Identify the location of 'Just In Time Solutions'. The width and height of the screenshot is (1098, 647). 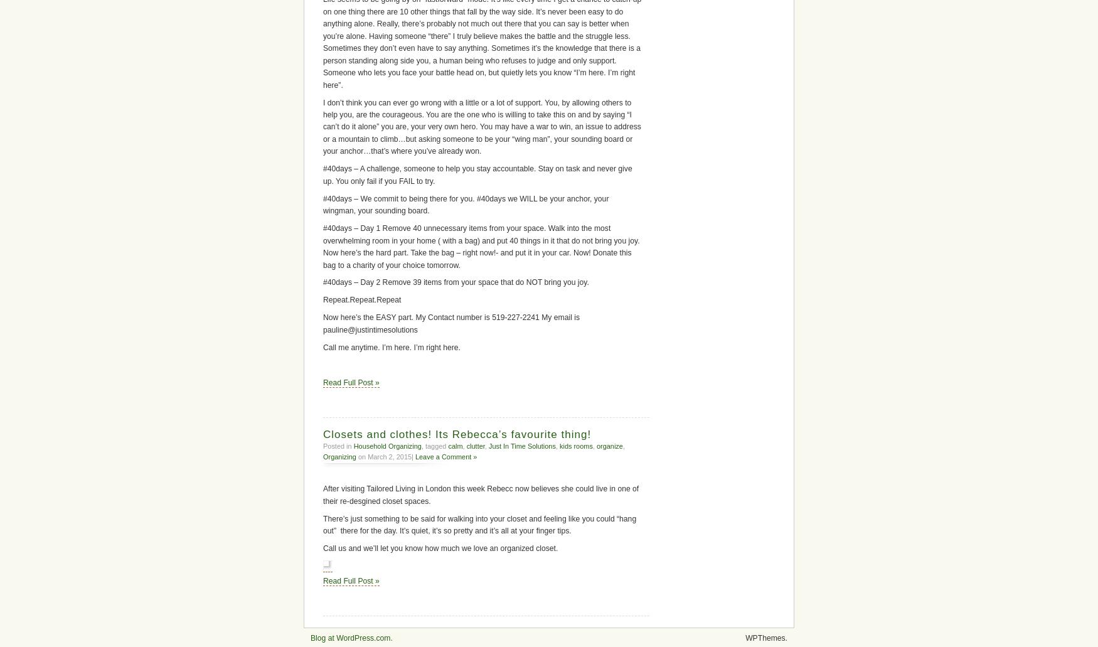
(521, 446).